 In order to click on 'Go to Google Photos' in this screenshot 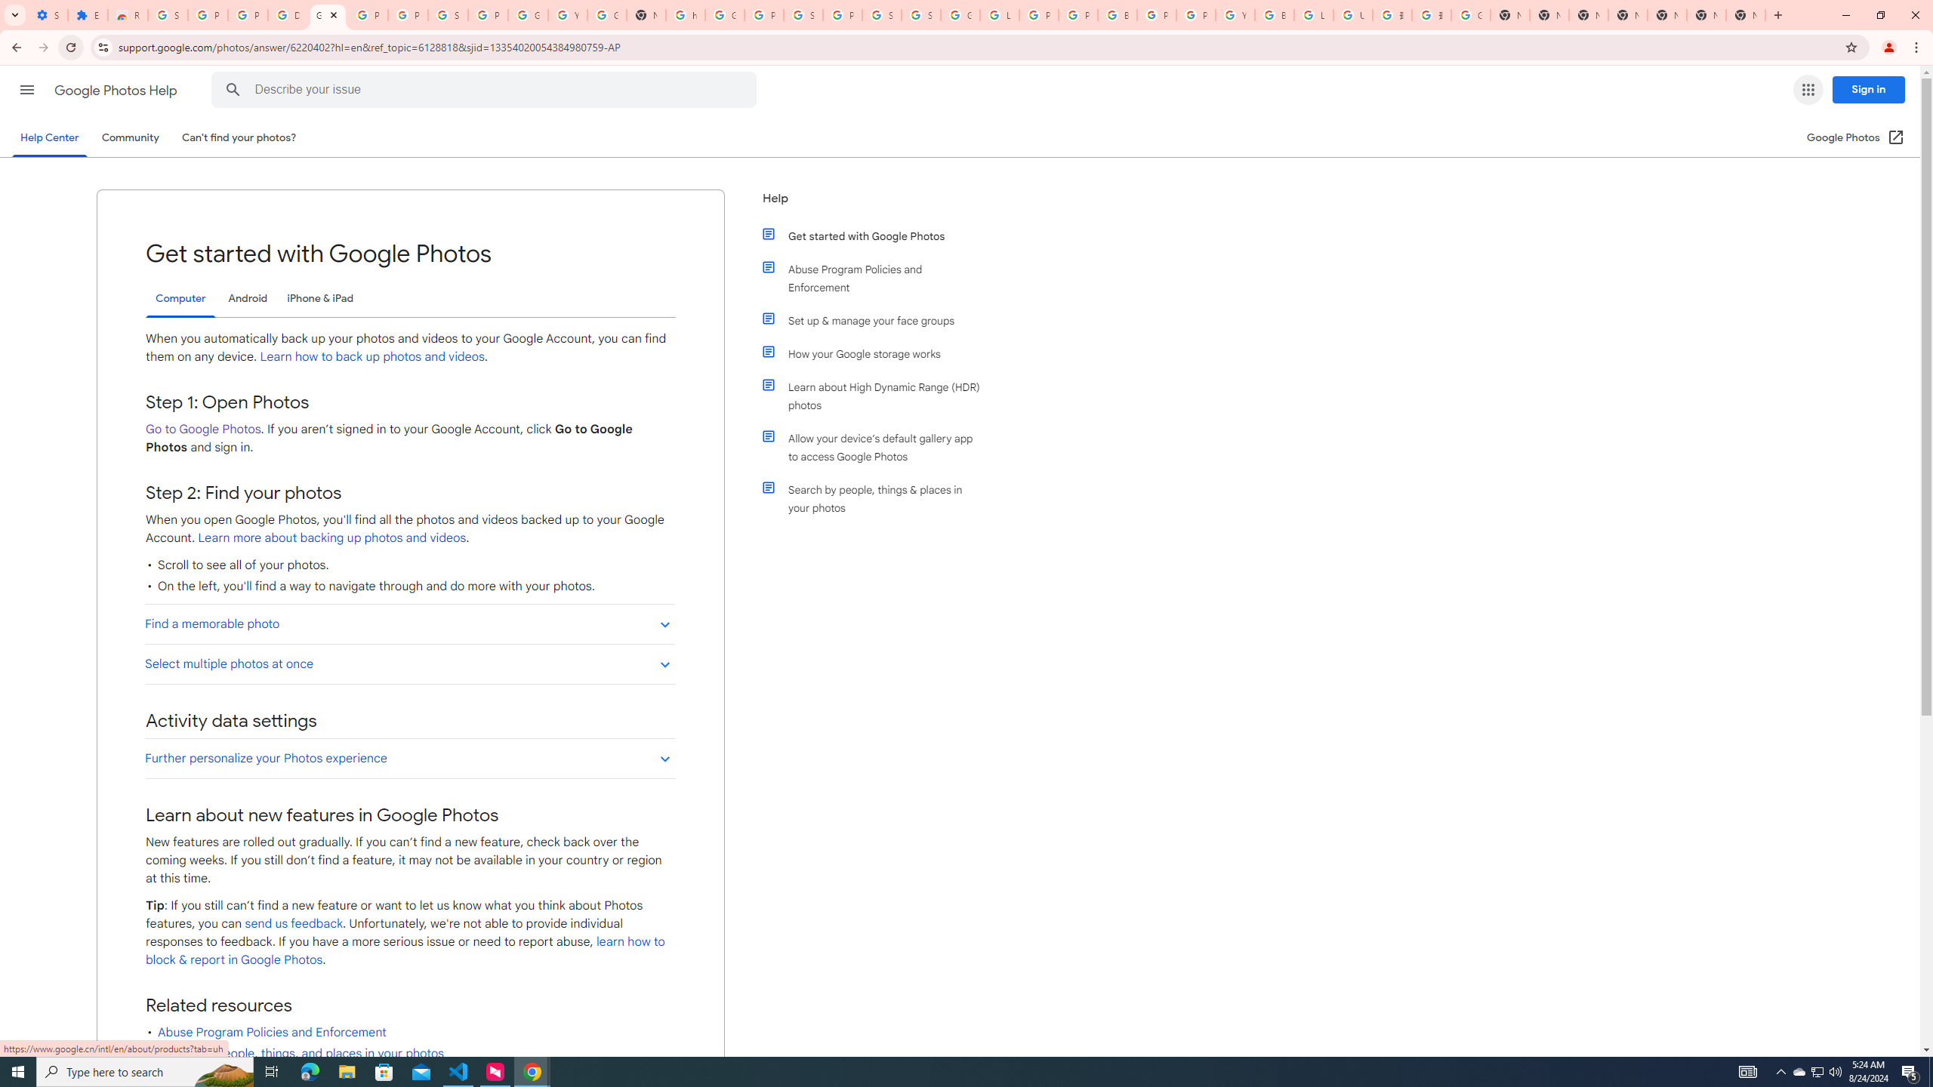, I will do `click(202, 428)`.